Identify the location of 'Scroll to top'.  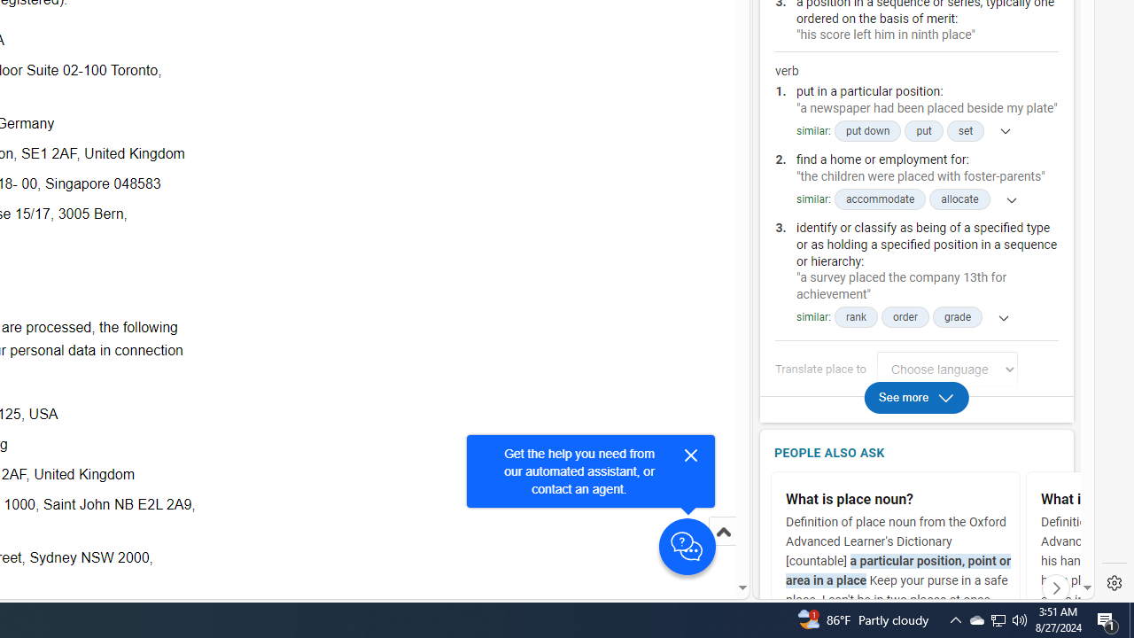
(723, 549).